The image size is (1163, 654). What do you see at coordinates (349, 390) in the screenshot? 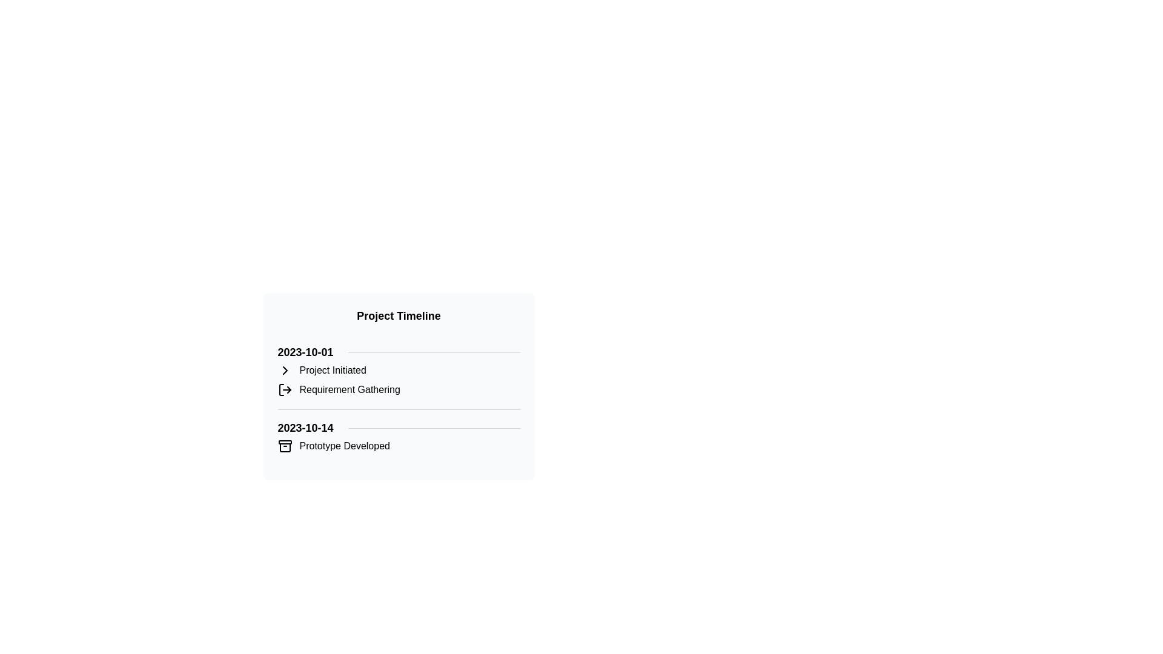
I see `the text label displaying 'Requirement Gathering' which is located in the timeline entry for the date '2023-10-01'` at bounding box center [349, 390].